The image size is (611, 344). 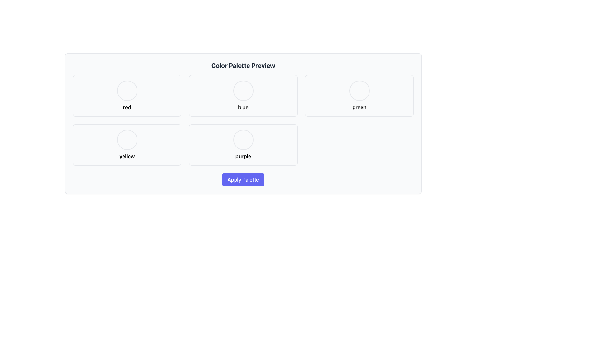 I want to click on the circular color indicator with a yellow background and rounded profile, located in the lower left of the grid layout, so click(x=127, y=140).